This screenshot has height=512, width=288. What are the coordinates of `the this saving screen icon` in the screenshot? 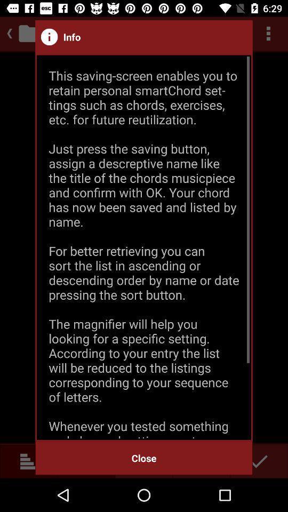 It's located at (144, 247).